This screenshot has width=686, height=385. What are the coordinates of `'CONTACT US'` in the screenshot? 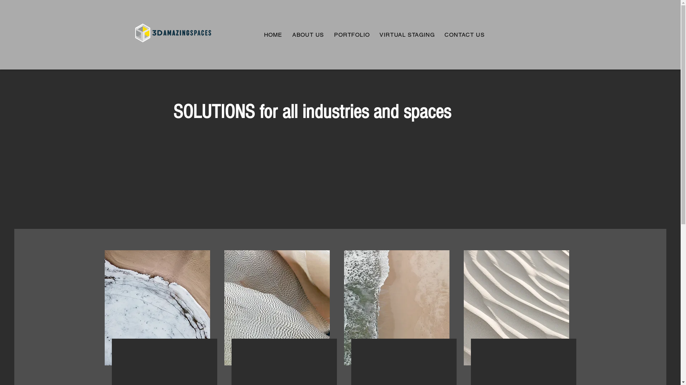 It's located at (464, 34).